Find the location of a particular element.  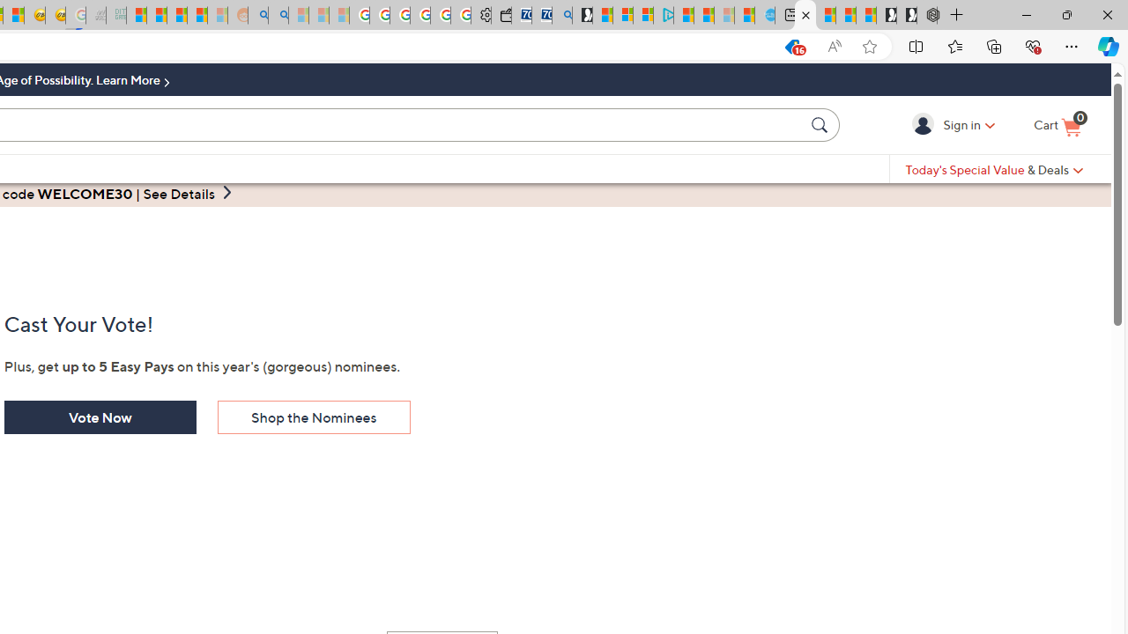

'Shop the Nominees' is located at coordinates (314, 417).